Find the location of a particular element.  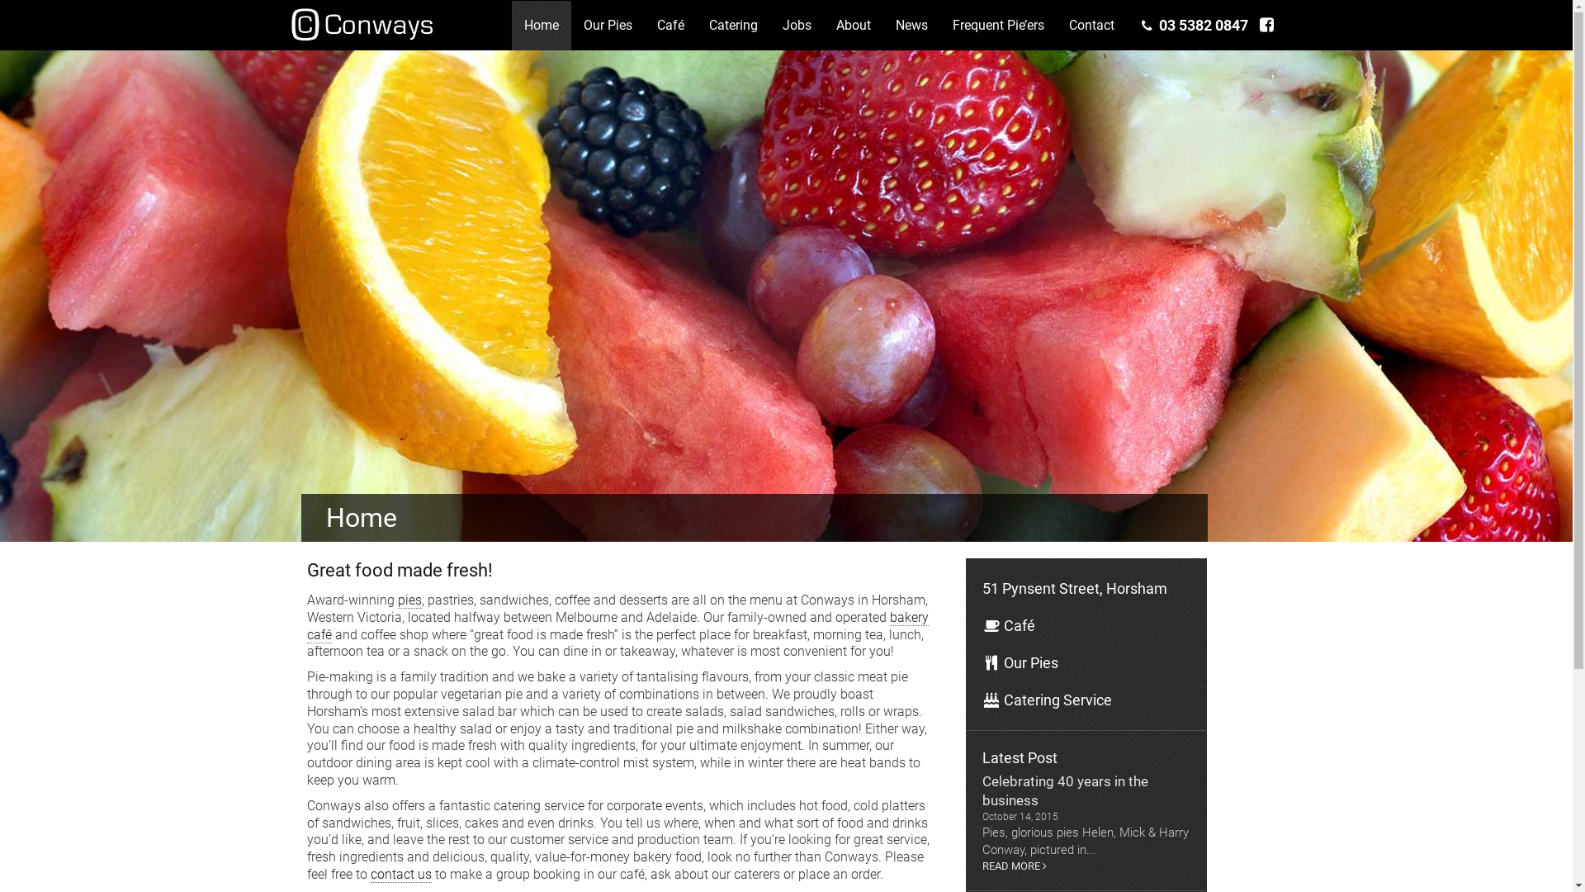

'Celebrating 40 years in the business' is located at coordinates (1086, 790).